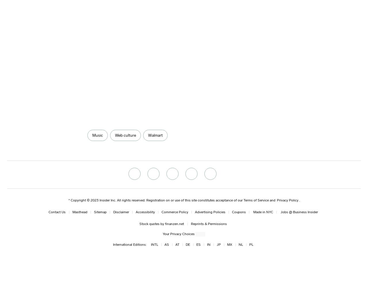  What do you see at coordinates (114, 135) in the screenshot?
I see `'Web culture'` at bounding box center [114, 135].